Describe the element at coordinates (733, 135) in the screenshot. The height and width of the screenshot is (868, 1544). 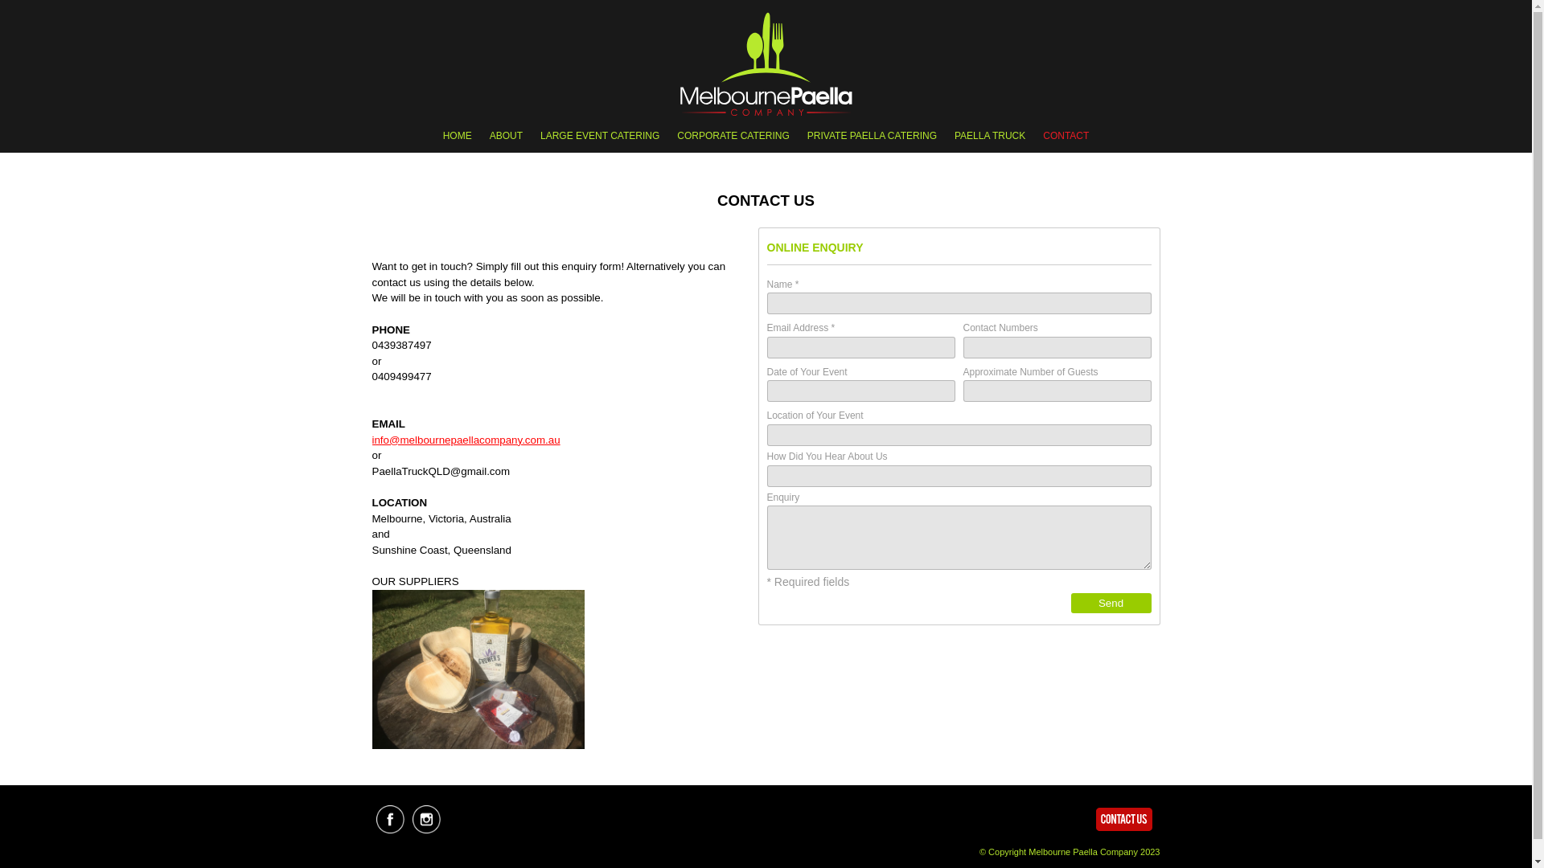
I see `'CORPORATE CATERING'` at that location.